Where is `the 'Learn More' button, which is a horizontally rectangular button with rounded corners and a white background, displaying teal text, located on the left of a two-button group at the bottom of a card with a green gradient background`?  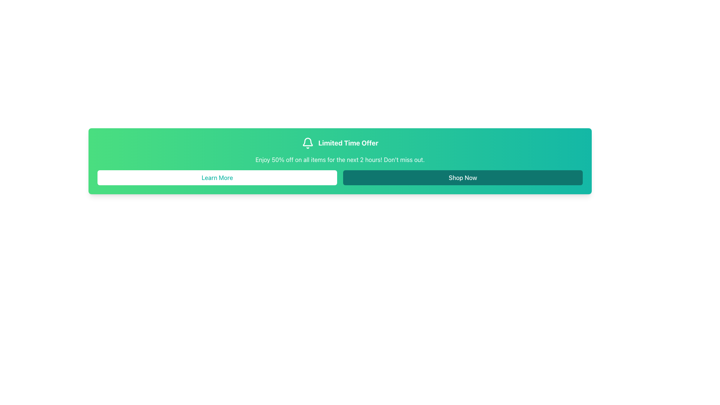 the 'Learn More' button, which is a horizontally rectangular button with rounded corners and a white background, displaying teal text, located on the left of a two-button group at the bottom of a card with a green gradient background is located at coordinates (217, 178).